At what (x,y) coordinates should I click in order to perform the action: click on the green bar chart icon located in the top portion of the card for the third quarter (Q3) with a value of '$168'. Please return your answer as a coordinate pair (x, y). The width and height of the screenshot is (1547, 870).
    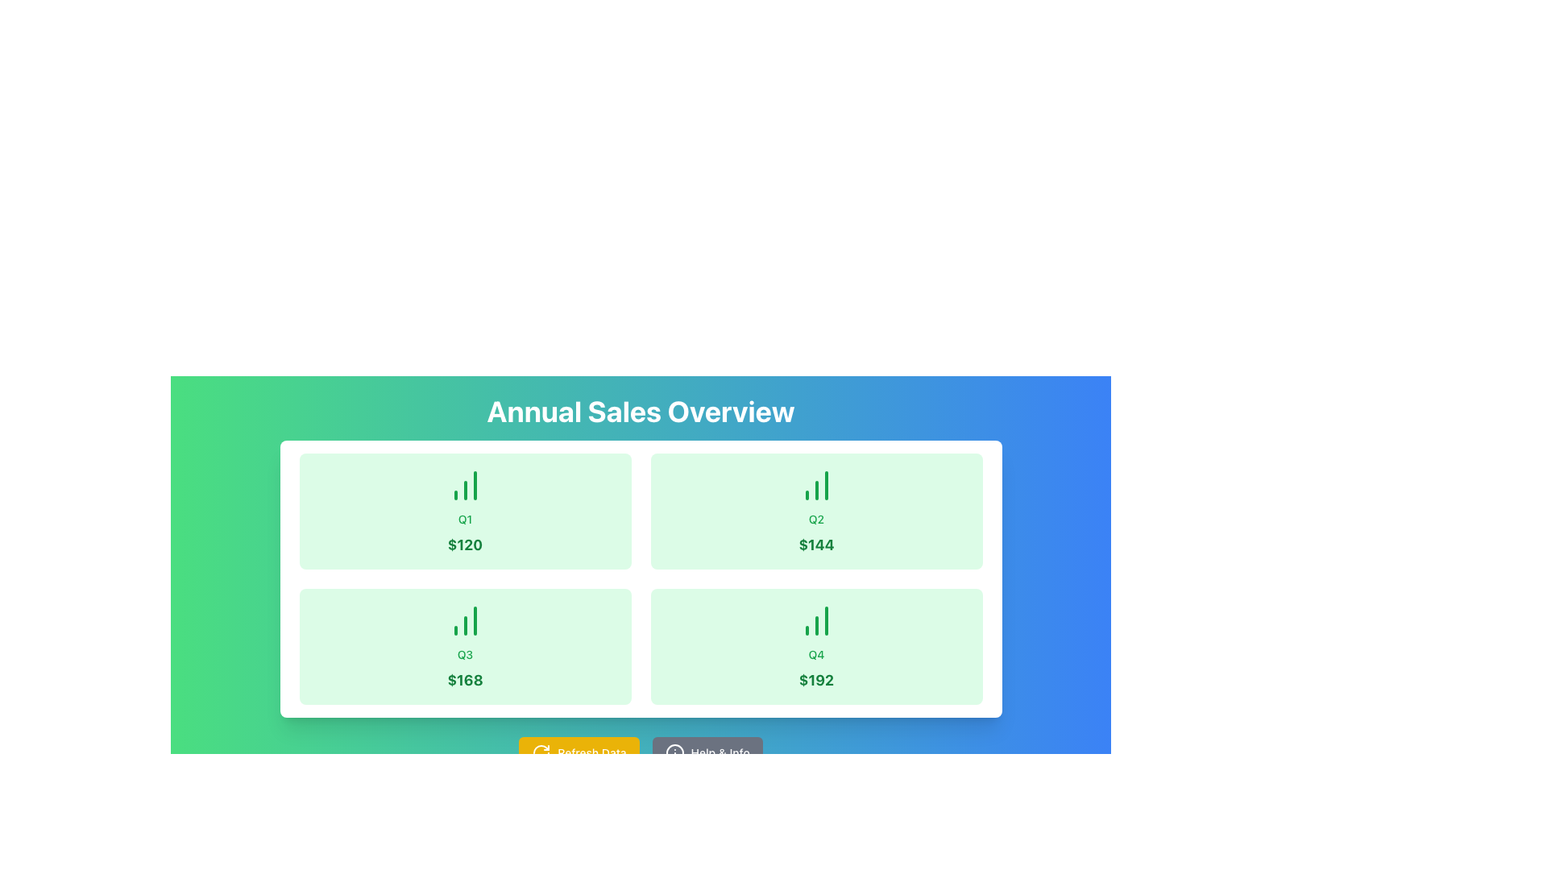
    Looking at the image, I should click on (464, 620).